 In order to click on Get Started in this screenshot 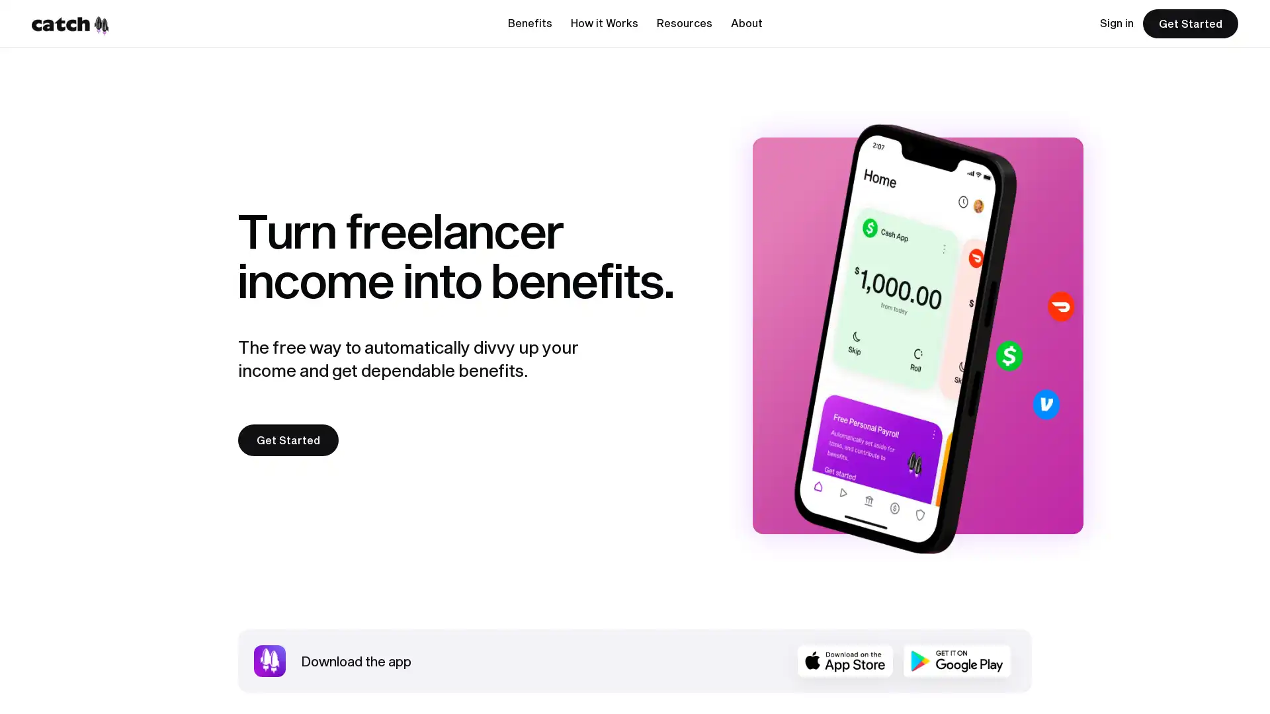, I will do `click(1191, 23)`.